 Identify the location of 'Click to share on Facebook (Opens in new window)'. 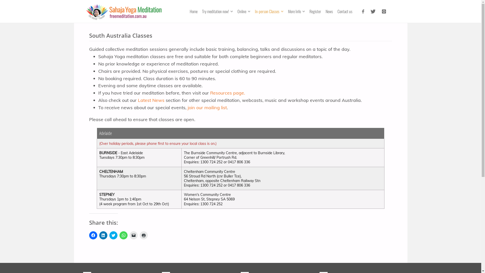
(93, 235).